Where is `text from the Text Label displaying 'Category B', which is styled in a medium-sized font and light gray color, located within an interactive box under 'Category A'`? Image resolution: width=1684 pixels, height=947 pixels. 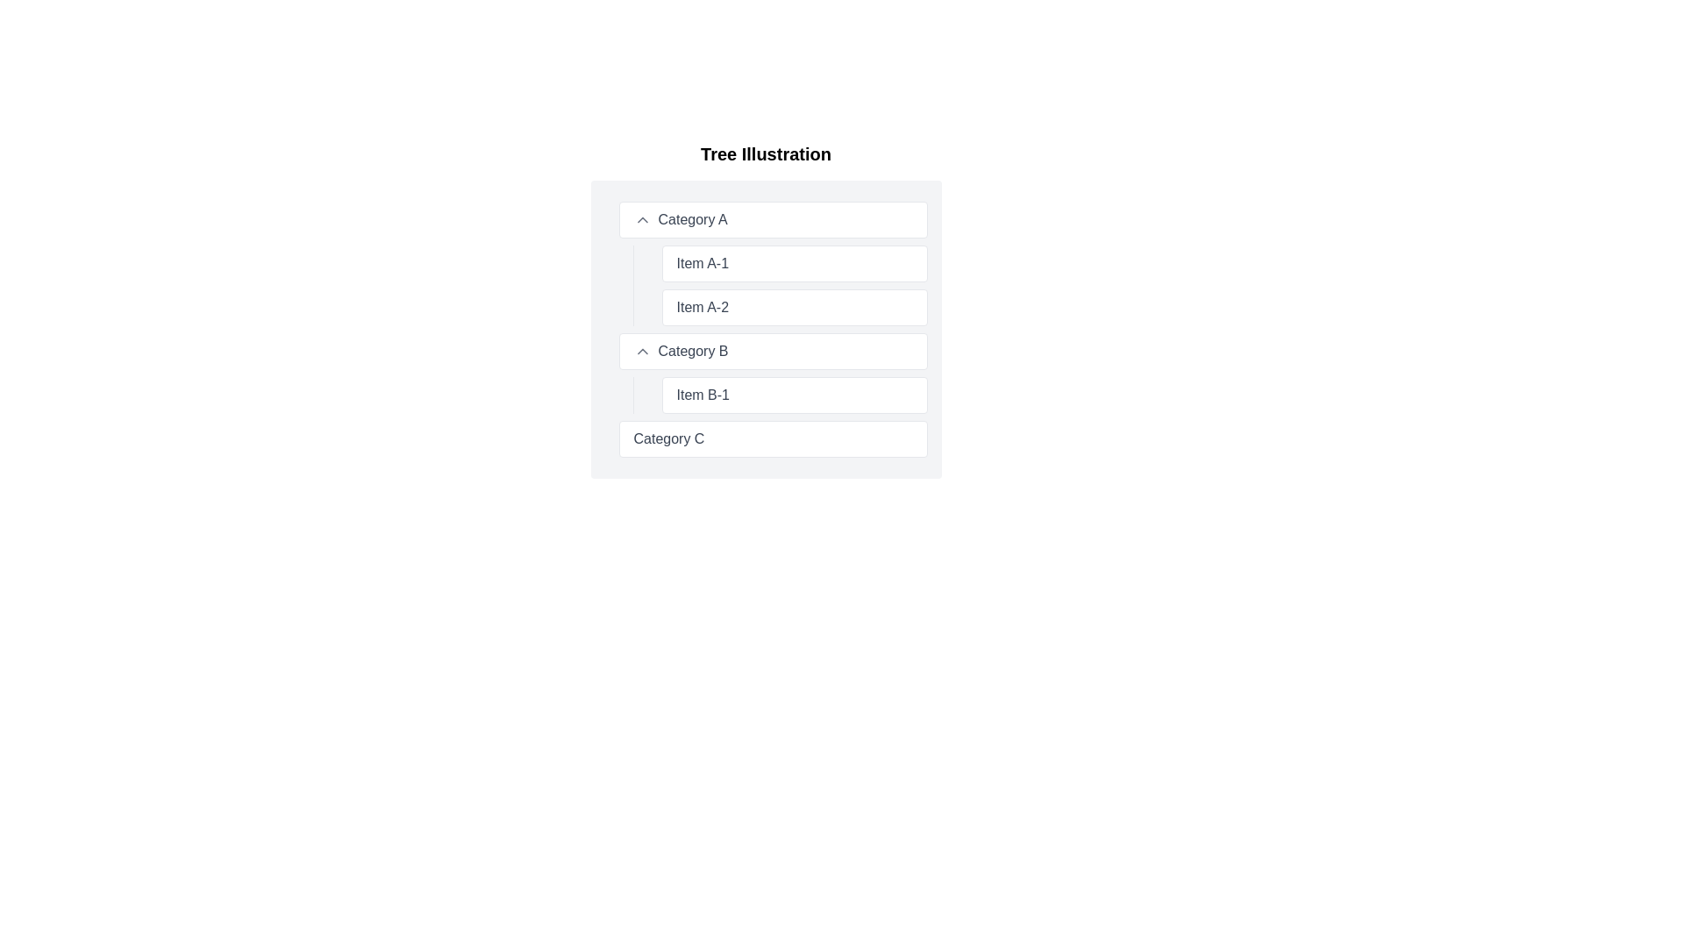 text from the Text Label displaying 'Category B', which is styled in a medium-sized font and light gray color, located within an interactive box under 'Category A' is located at coordinates (692, 352).